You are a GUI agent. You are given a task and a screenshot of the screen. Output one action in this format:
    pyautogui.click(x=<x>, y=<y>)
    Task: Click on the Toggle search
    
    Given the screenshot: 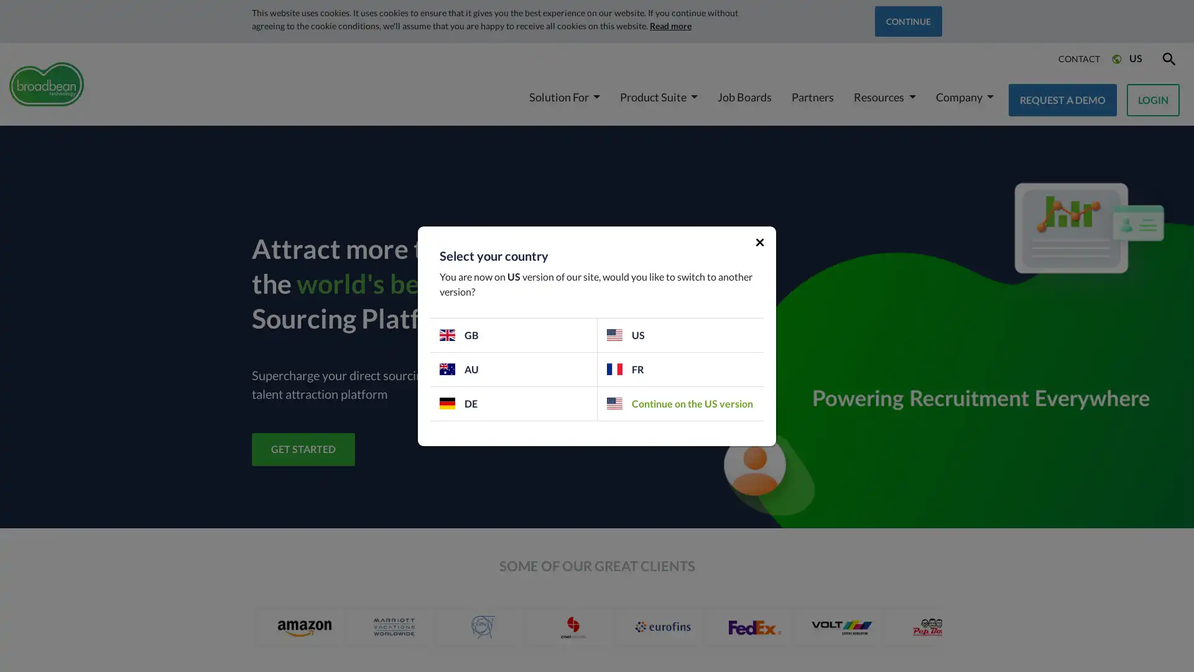 What is the action you would take?
    pyautogui.click(x=1167, y=58)
    